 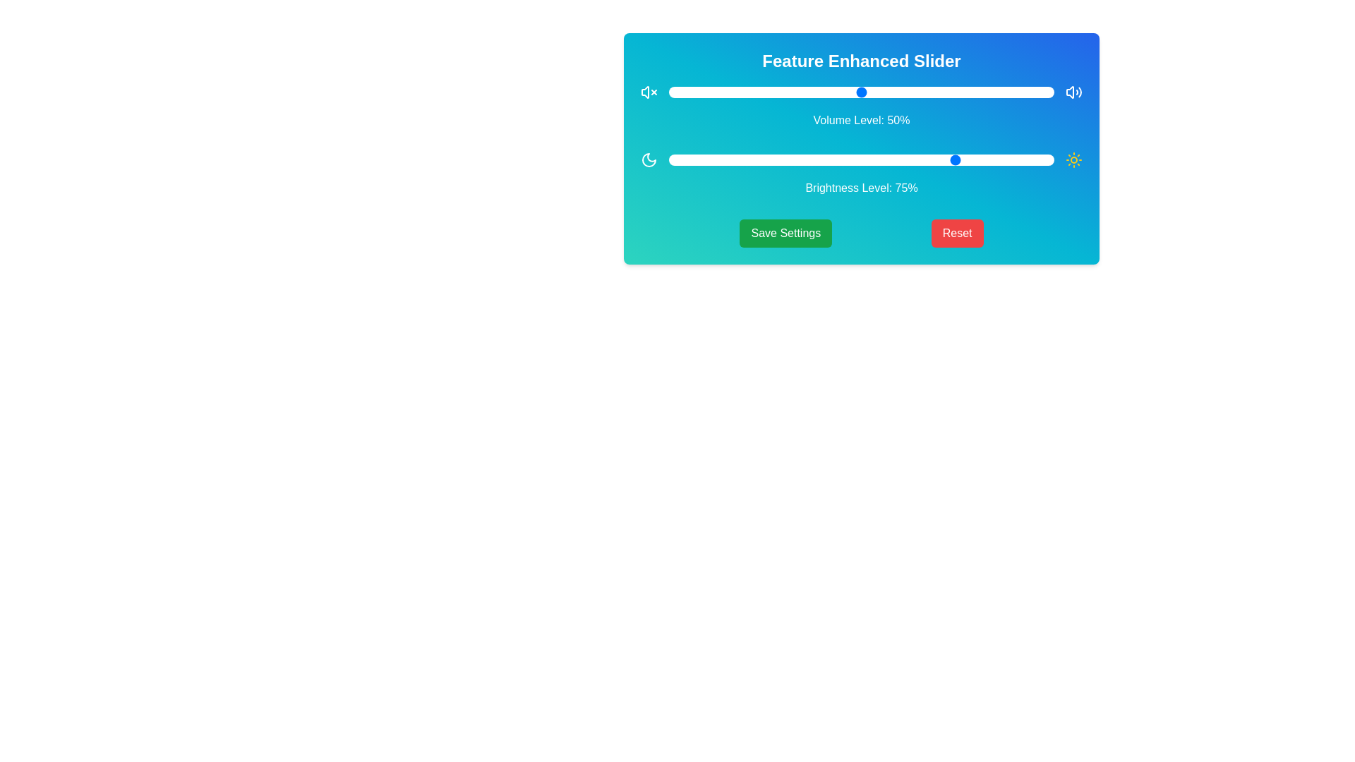 What do you see at coordinates (1039, 159) in the screenshot?
I see `brightness level` at bounding box center [1039, 159].